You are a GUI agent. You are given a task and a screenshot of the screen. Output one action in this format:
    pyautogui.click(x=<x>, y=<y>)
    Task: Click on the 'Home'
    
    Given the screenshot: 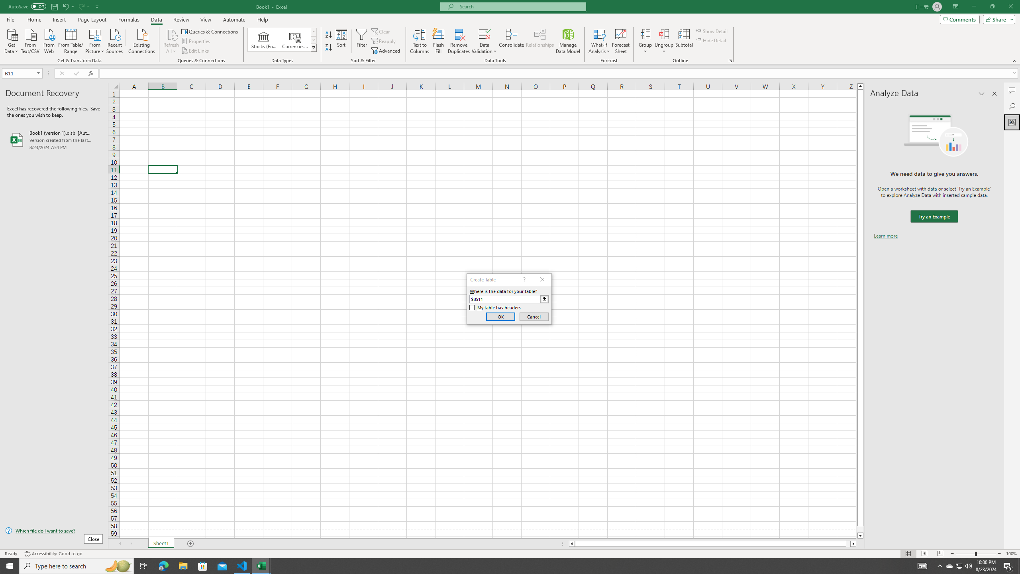 What is the action you would take?
    pyautogui.click(x=34, y=20)
    